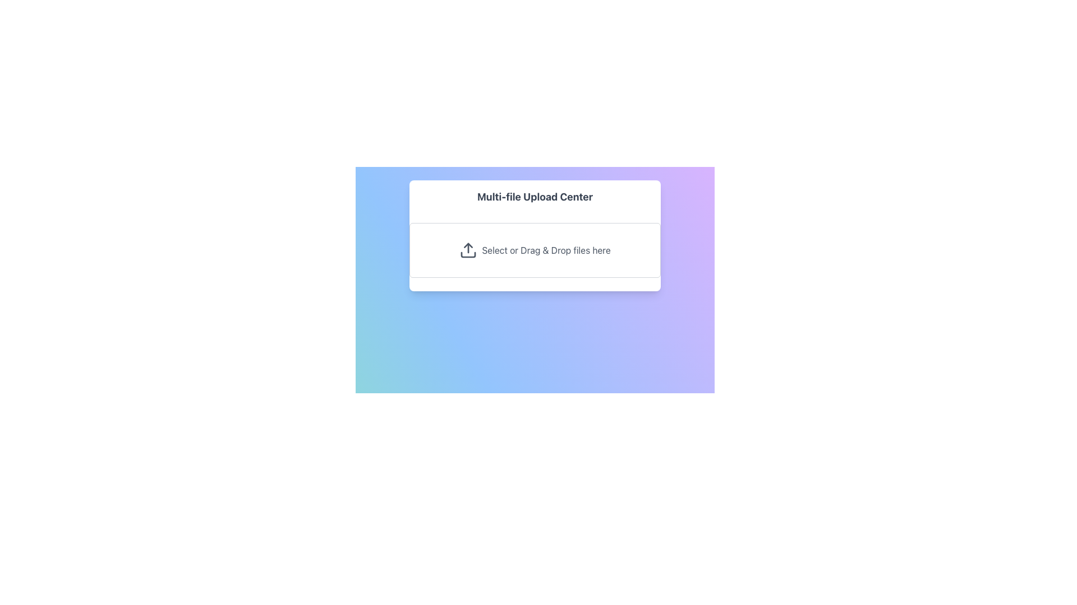 This screenshot has height=605, width=1077. I want to click on the upload icon, which is a vector icon depicting an upward arrow inside a rectangular shape, located to the left of the text 'Select or Drag & Drop files here', so click(468, 250).